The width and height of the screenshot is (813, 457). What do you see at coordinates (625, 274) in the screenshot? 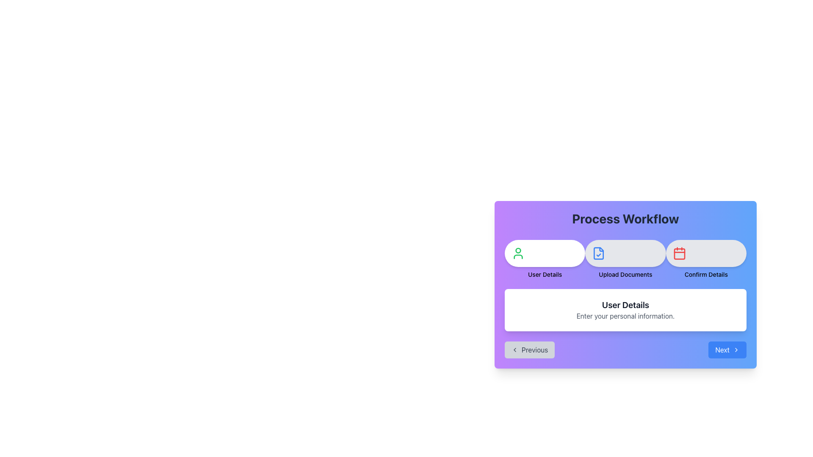
I see `the 'Upload Documents' text label located in the middle tab of the 'Process Workflow' stepper interface` at bounding box center [625, 274].